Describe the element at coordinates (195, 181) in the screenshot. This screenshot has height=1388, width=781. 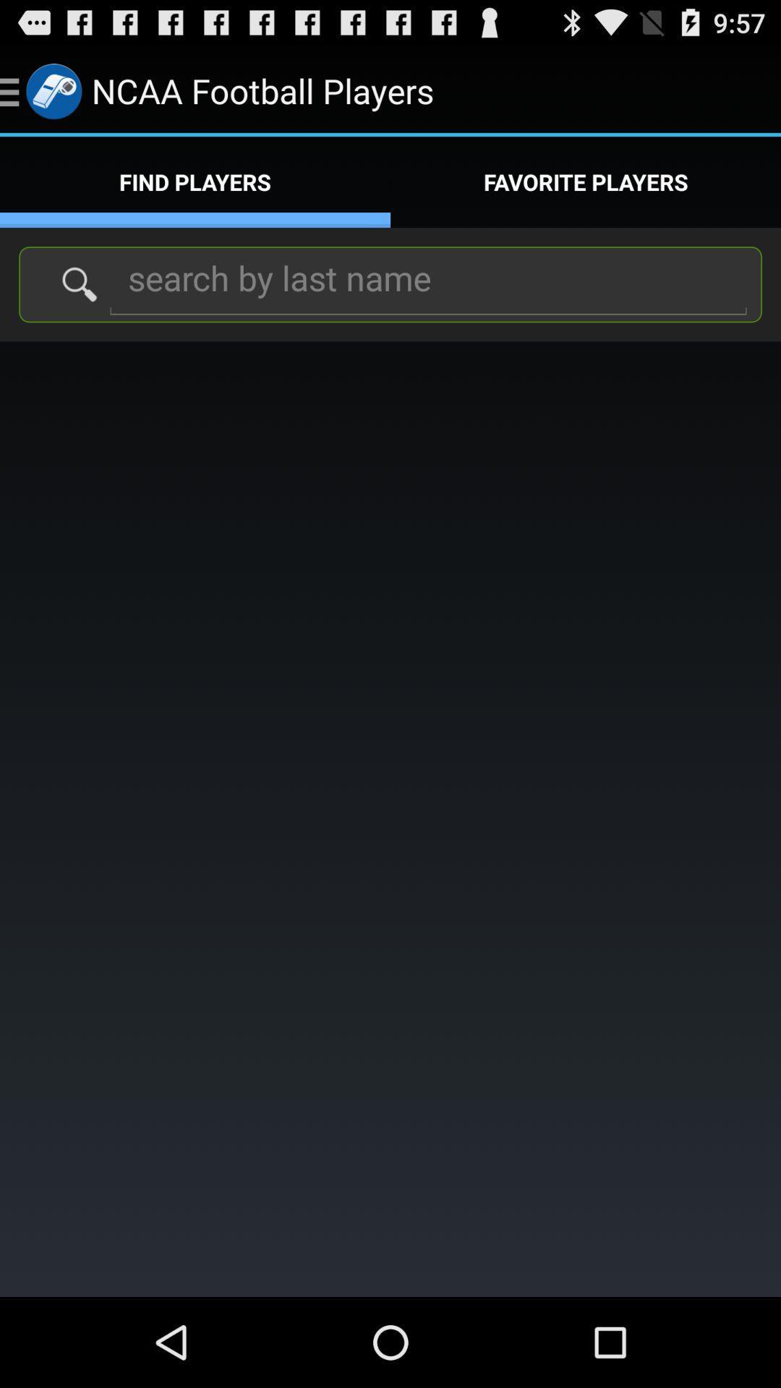
I see `icon next to favorite players icon` at that location.